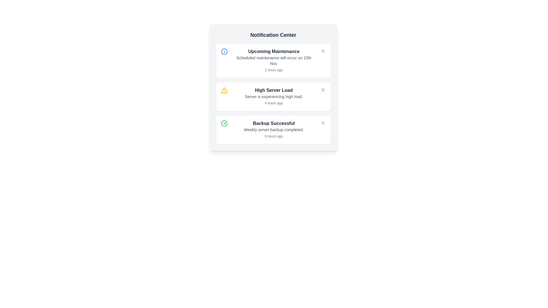 This screenshot has height=308, width=548. Describe the element at coordinates (224, 90) in the screenshot. I see `the warning icon indicating 'High Server Load' notification, located in the second panel of the notifications list, to the left of the notification text` at that location.